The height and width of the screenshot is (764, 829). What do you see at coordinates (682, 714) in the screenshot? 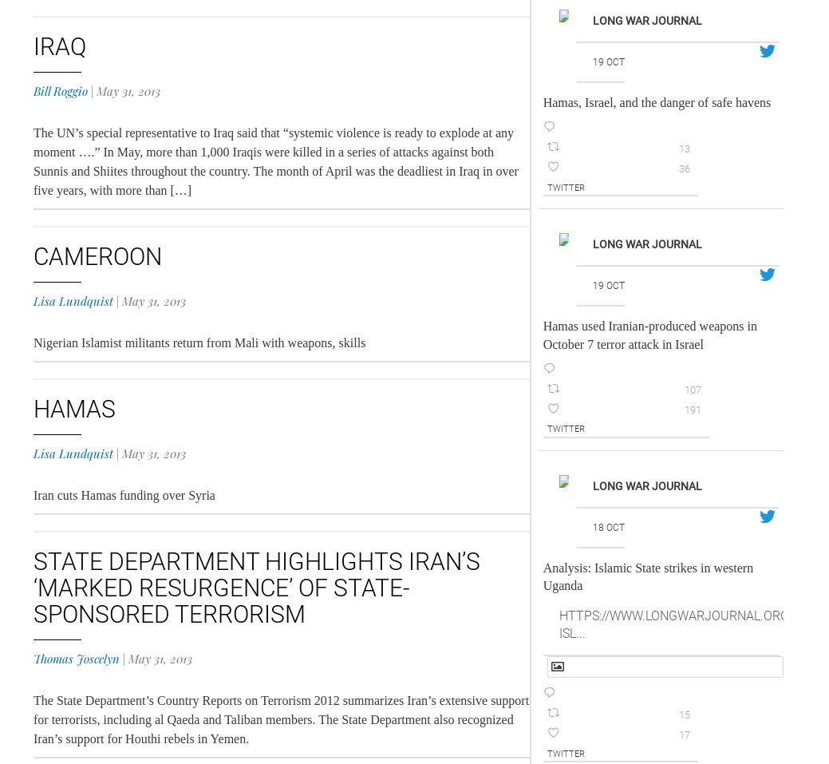
I see `'15'` at bounding box center [682, 714].